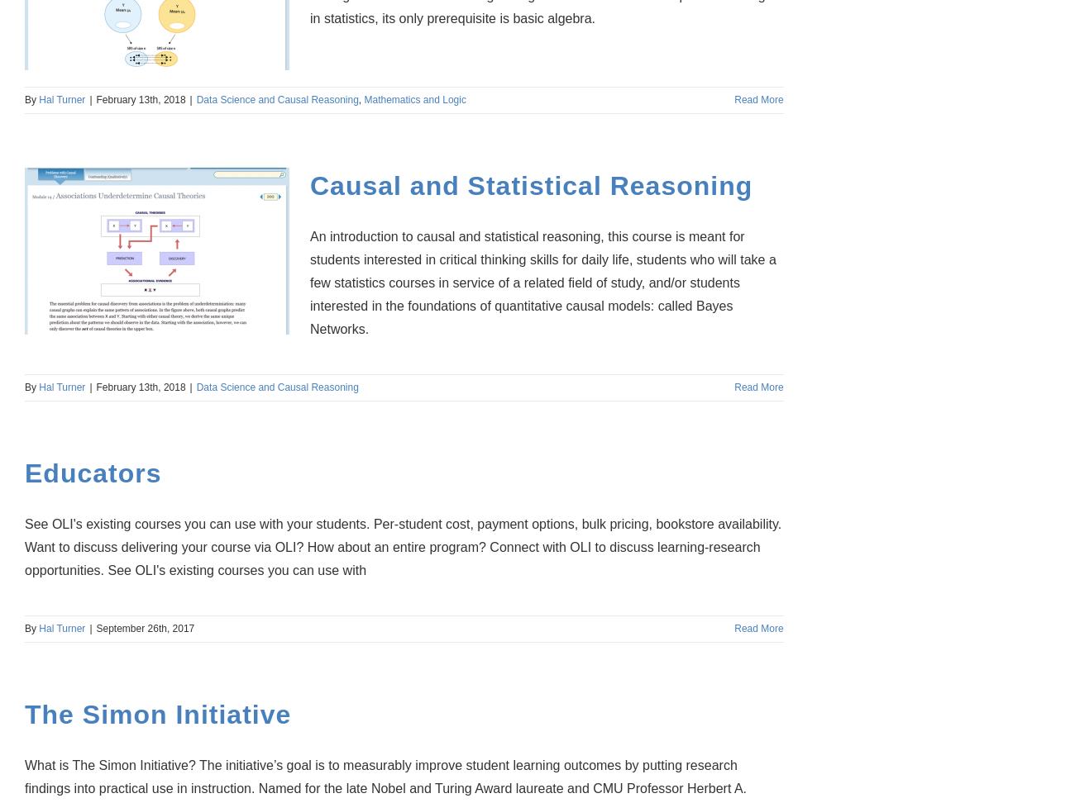 The image size is (1075, 803). What do you see at coordinates (309, 185) in the screenshot?
I see `'Causal and Statistical Reasoning'` at bounding box center [309, 185].